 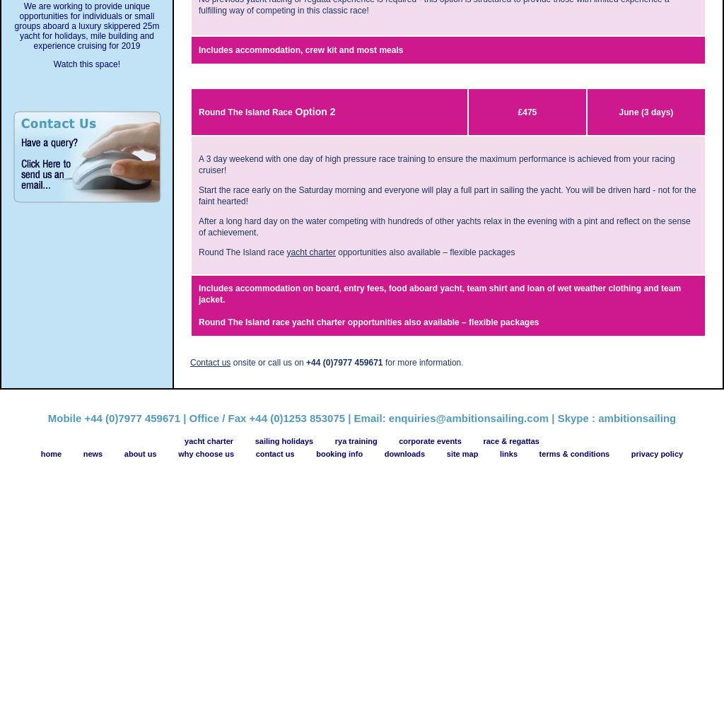 I want to click on 'why choose us', so click(x=206, y=453).